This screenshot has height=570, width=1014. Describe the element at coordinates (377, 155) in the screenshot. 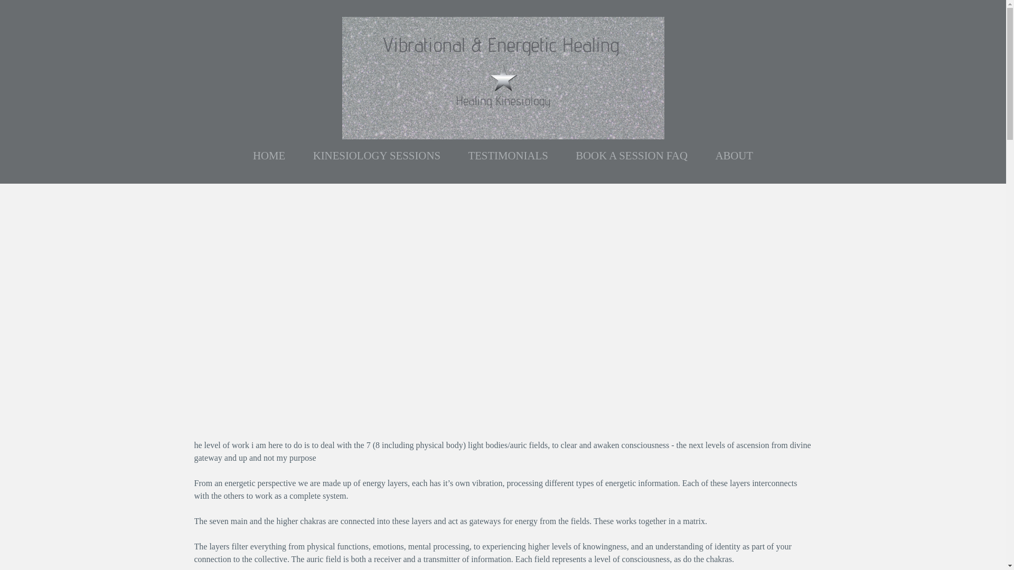

I see `'KINESIOLOGY SESSIONS'` at that location.